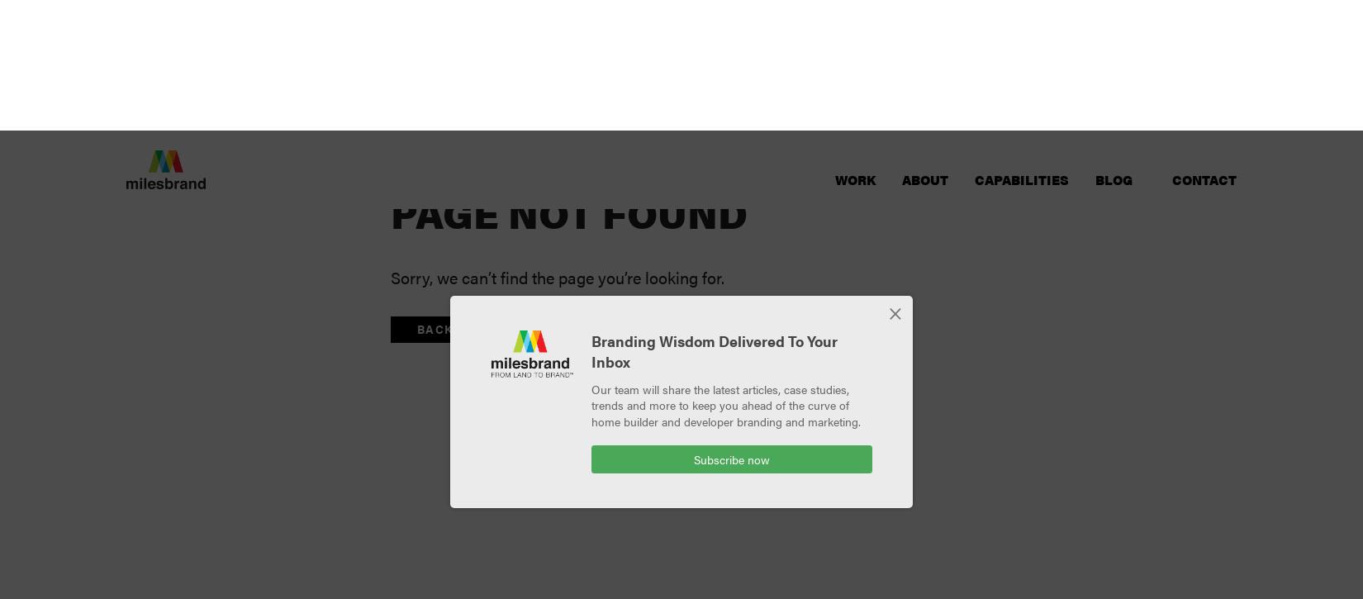  What do you see at coordinates (1113, 49) in the screenshot?
I see `'Blog'` at bounding box center [1113, 49].